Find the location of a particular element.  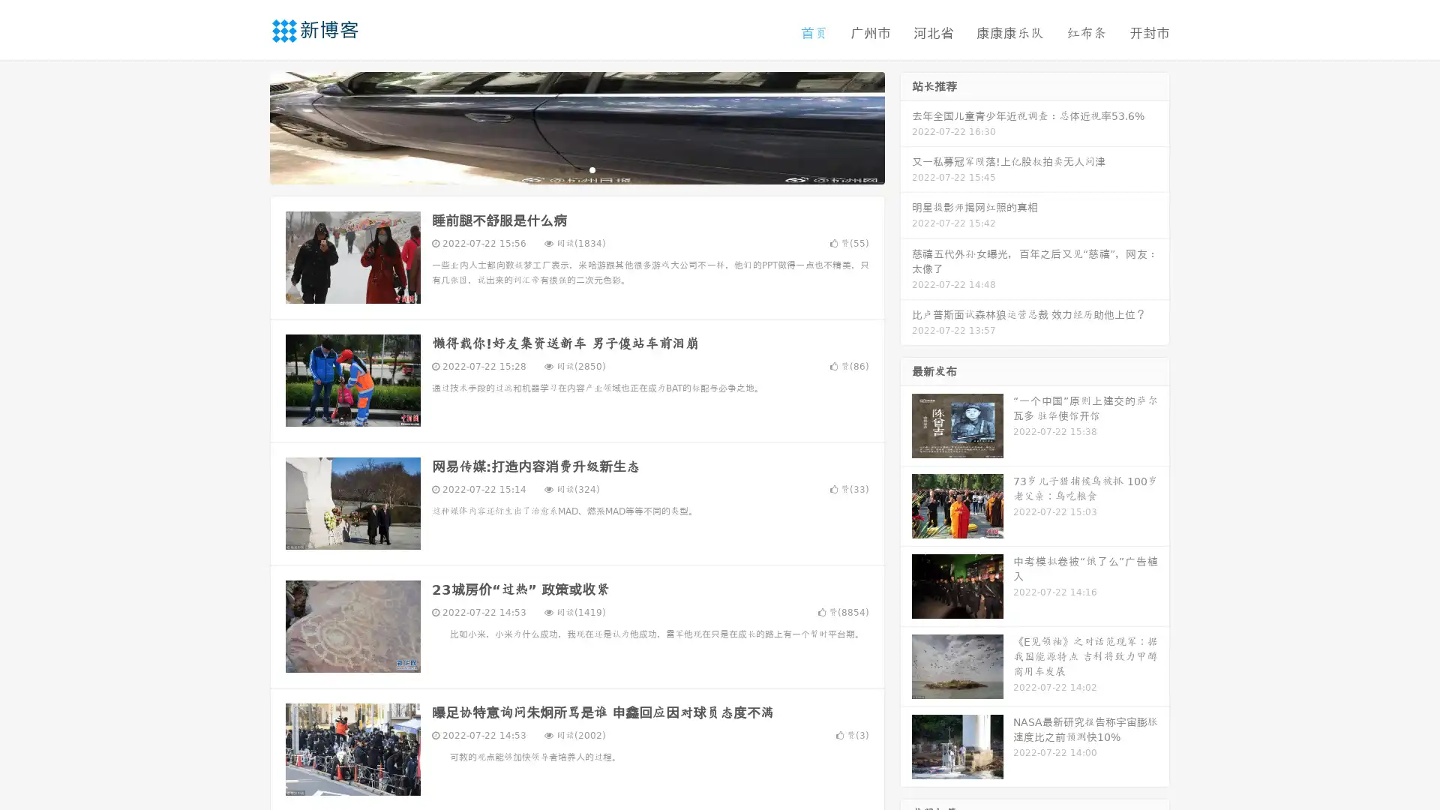

Go to slide 2 is located at coordinates (576, 169).